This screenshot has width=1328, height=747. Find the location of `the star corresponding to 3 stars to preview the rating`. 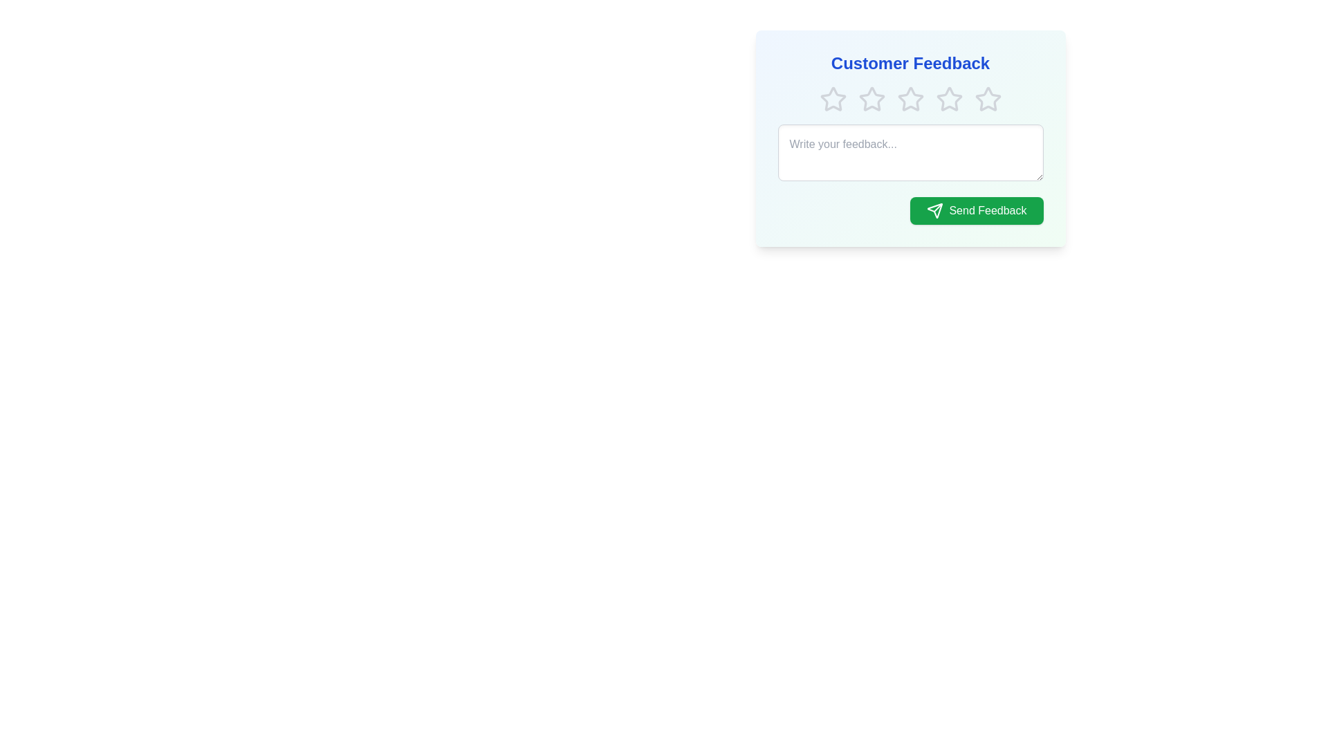

the star corresponding to 3 stars to preview the rating is located at coordinates (910, 98).